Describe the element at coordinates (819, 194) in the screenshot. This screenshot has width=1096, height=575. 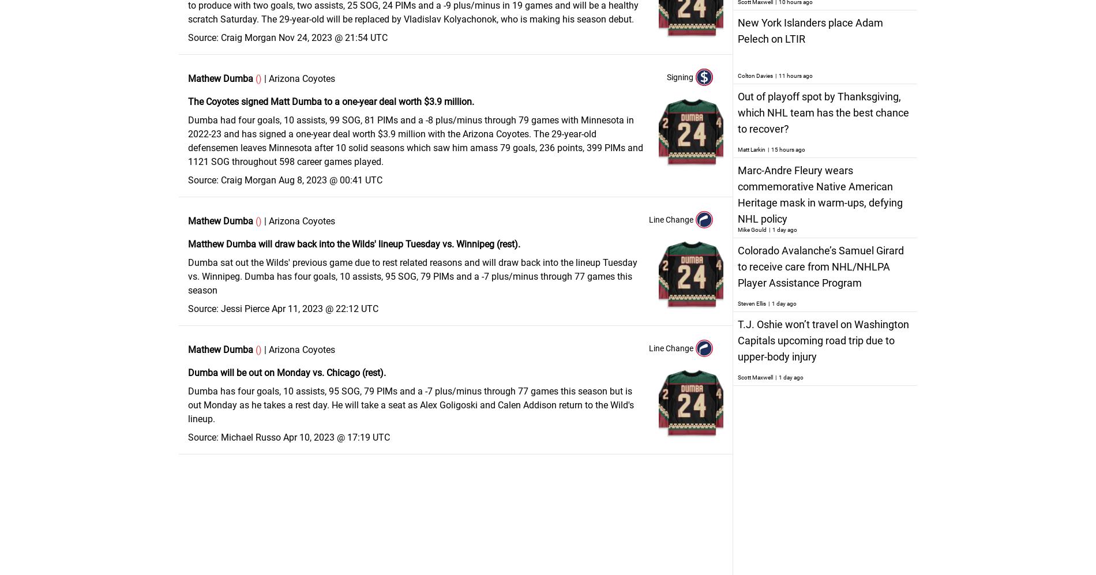
I see `'Marc-Andre Fleury wears commemorative Native American Heritage mask in warm-ups, defying NHL policy'` at that location.